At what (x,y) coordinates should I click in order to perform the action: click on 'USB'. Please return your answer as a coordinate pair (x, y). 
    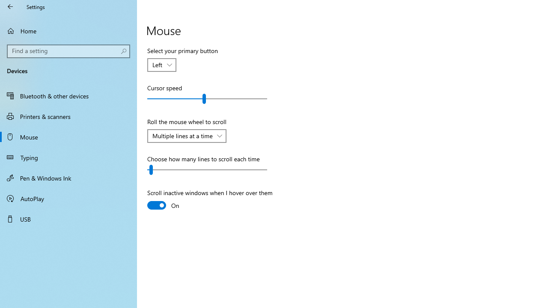
    Looking at the image, I should click on (68, 218).